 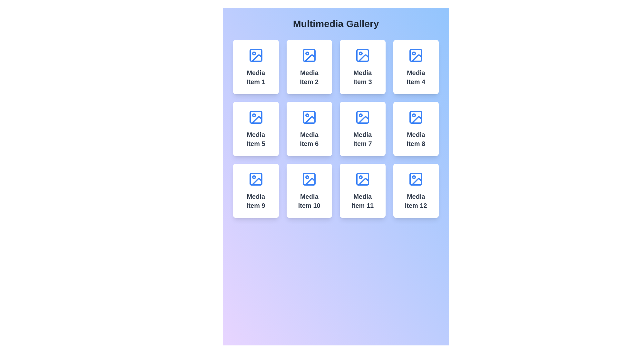 What do you see at coordinates (309, 55) in the screenshot?
I see `the SVG icon representing 'Media Item 2' located at the top of the card in the multimedia gallery grid` at bounding box center [309, 55].